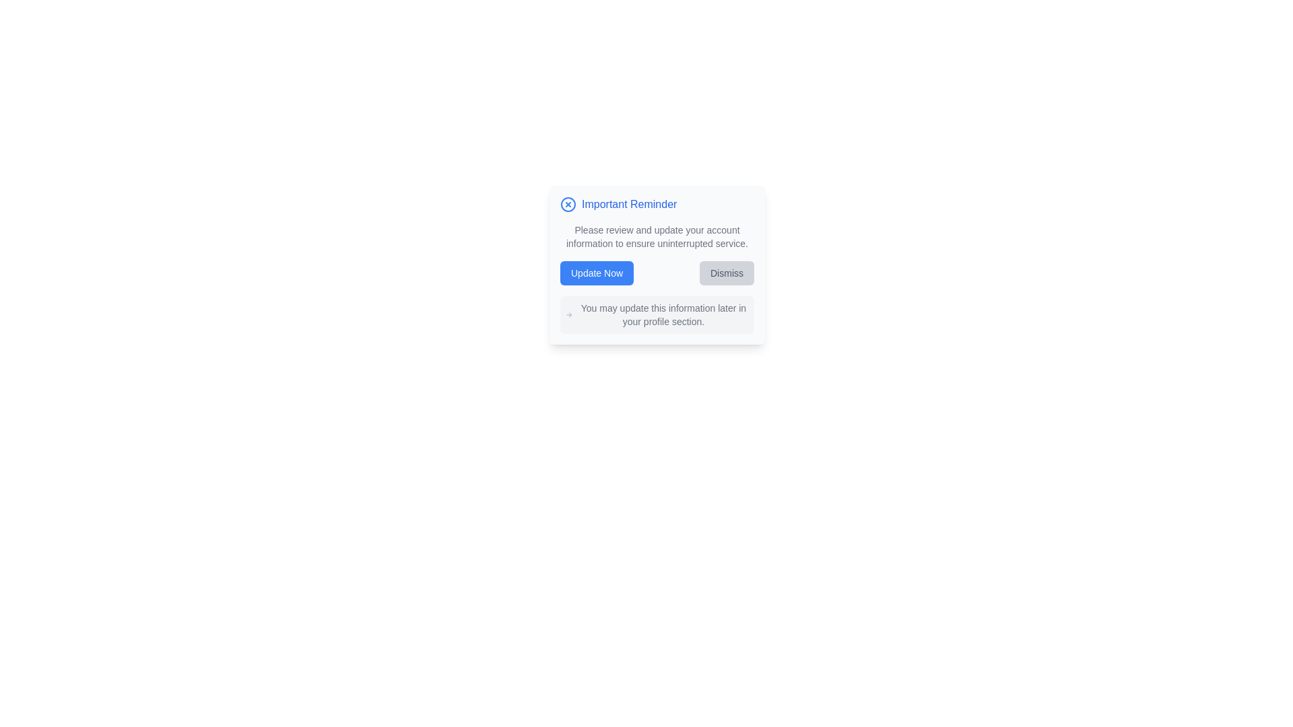 The width and height of the screenshot is (1293, 727). I want to click on the dismiss button located on the right side of the 'Important Reminder' section, so click(726, 273).